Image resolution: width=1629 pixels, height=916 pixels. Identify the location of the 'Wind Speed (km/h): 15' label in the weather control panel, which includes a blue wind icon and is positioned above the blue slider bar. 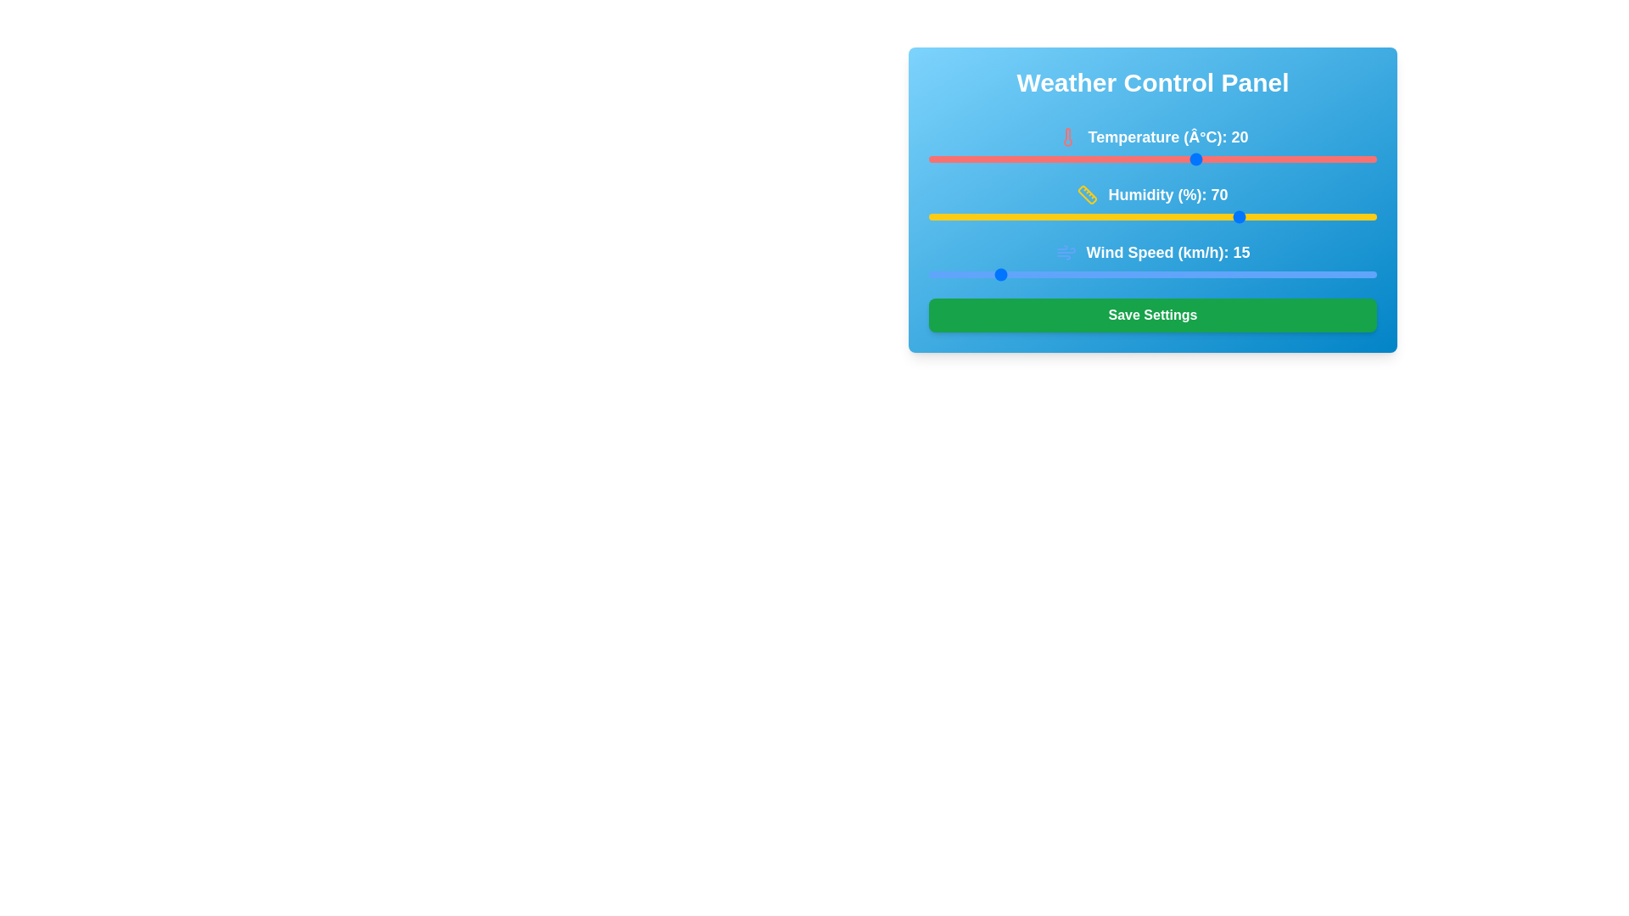
(1152, 259).